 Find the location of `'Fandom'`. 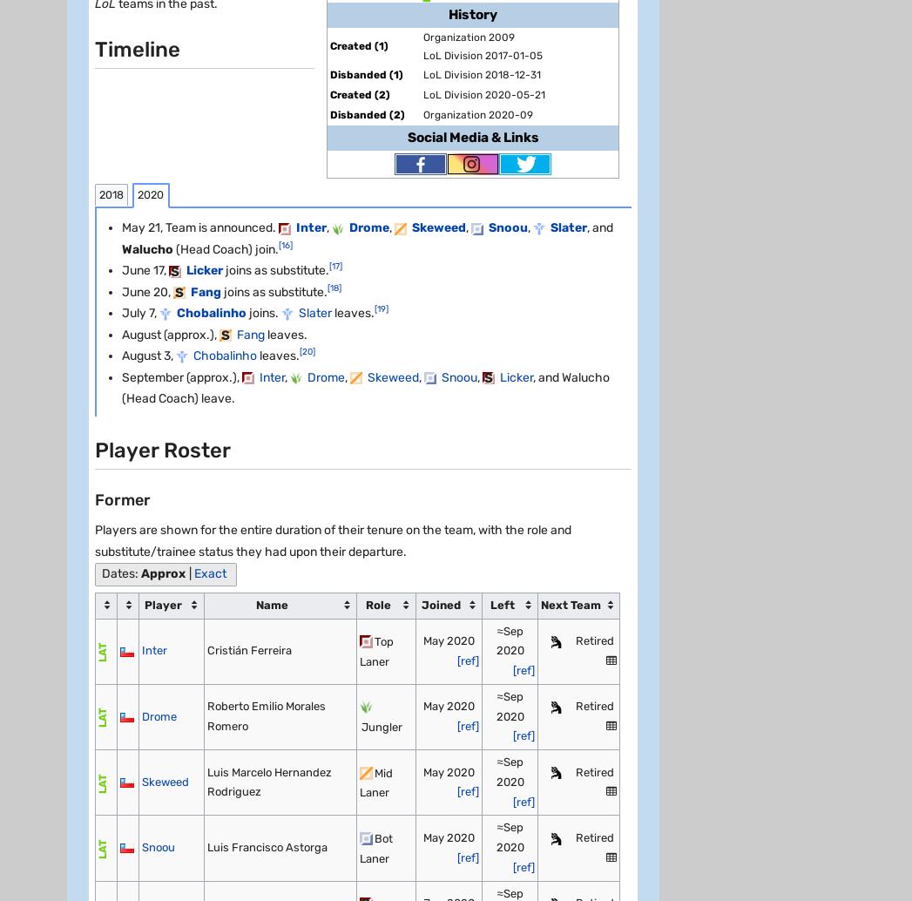

'Fandom' is located at coordinates (95, 445).